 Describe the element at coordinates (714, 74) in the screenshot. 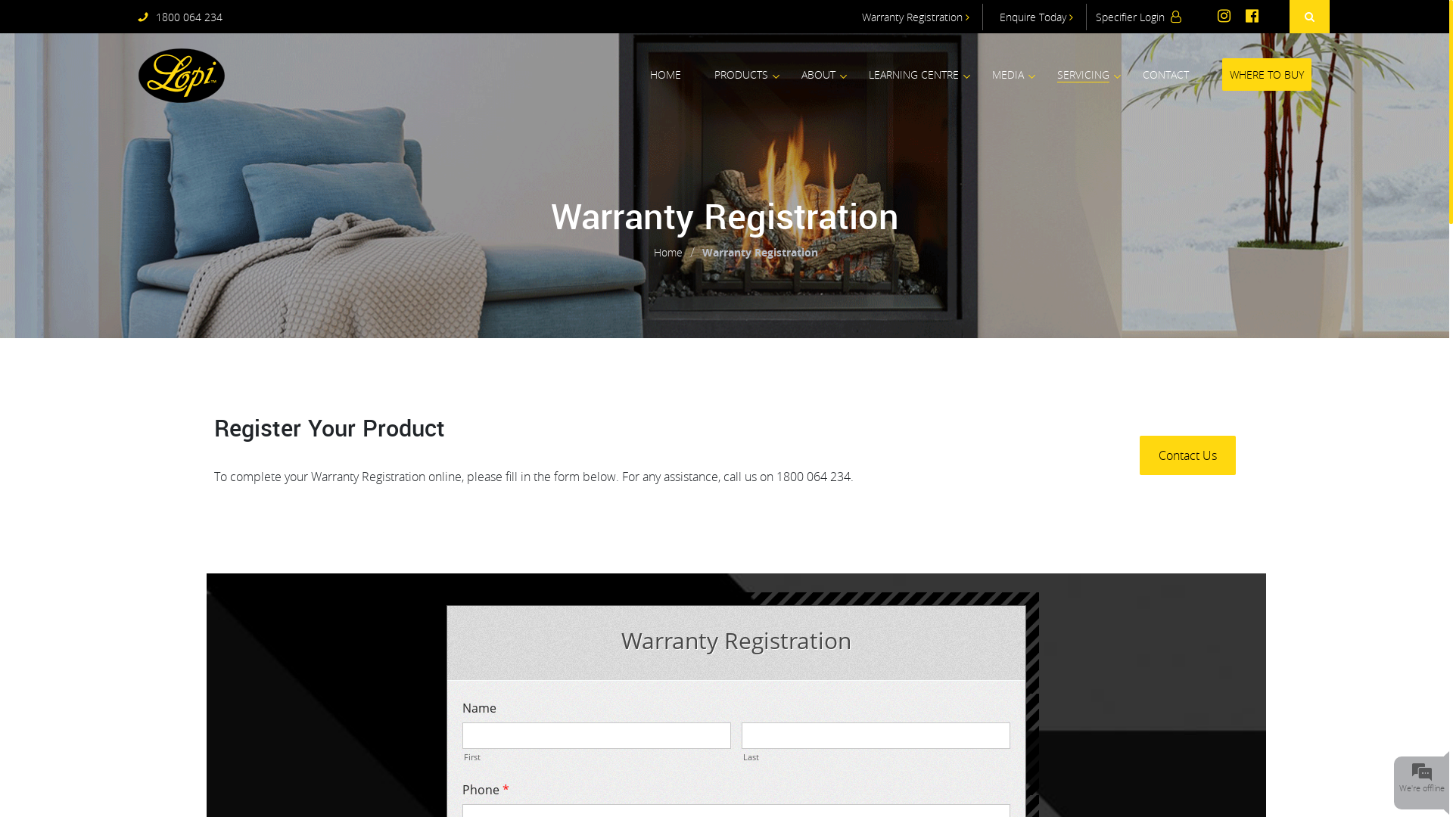

I see `'PRODUCTS'` at that location.